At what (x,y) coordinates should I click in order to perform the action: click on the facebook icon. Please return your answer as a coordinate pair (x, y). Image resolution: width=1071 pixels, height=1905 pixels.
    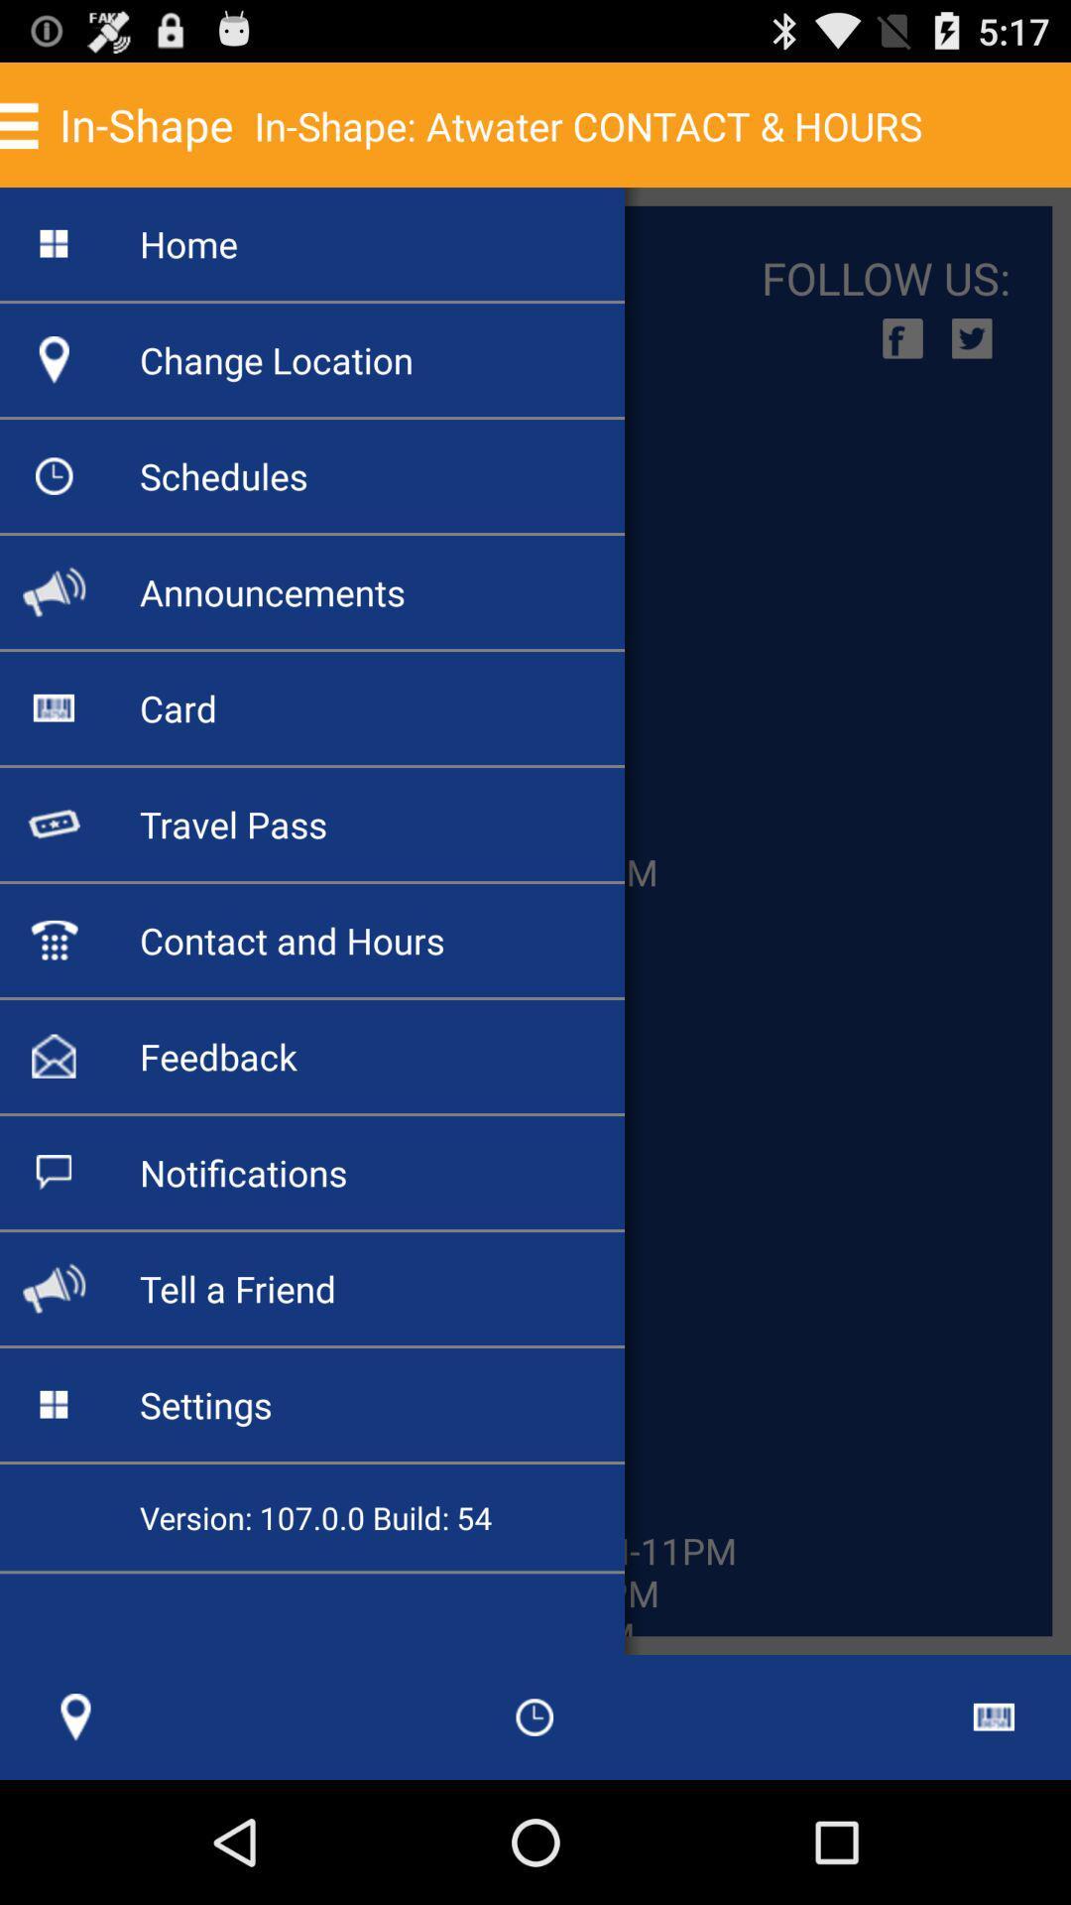
    Looking at the image, I should click on (902, 362).